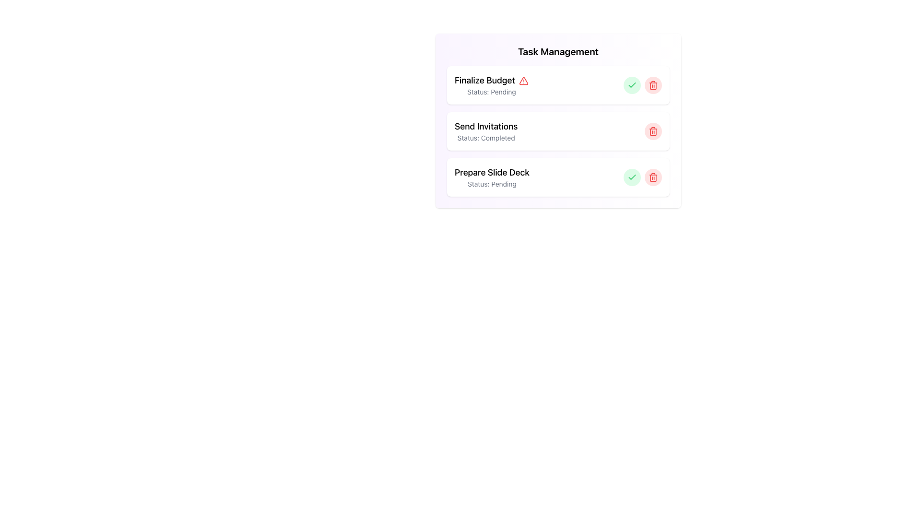 This screenshot has height=518, width=921. Describe the element at coordinates (492, 177) in the screenshot. I see `the third task item in the Task Management section, which displays the title 'Prepare Slide Deck' and its status as 'pending'` at that location.